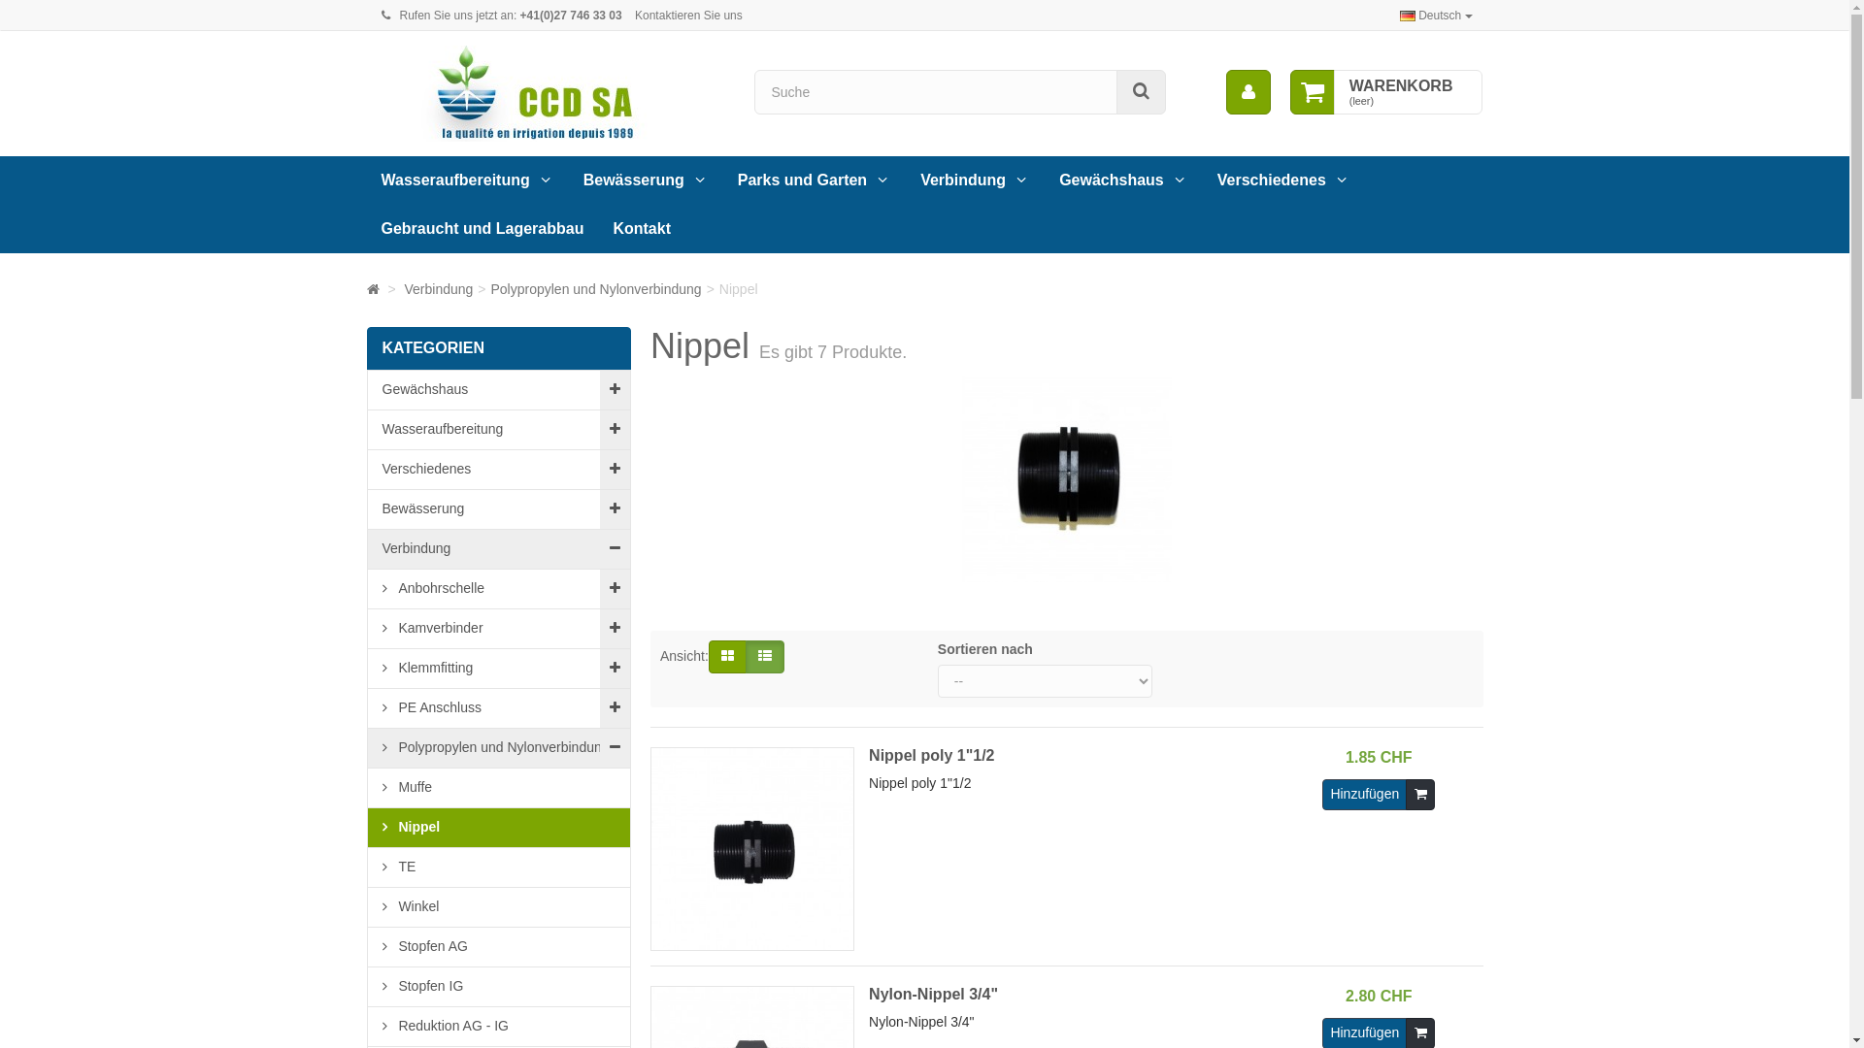 Image resolution: width=1864 pixels, height=1048 pixels. I want to click on 'Nippel poly 1"1/2, so click(962, 848).